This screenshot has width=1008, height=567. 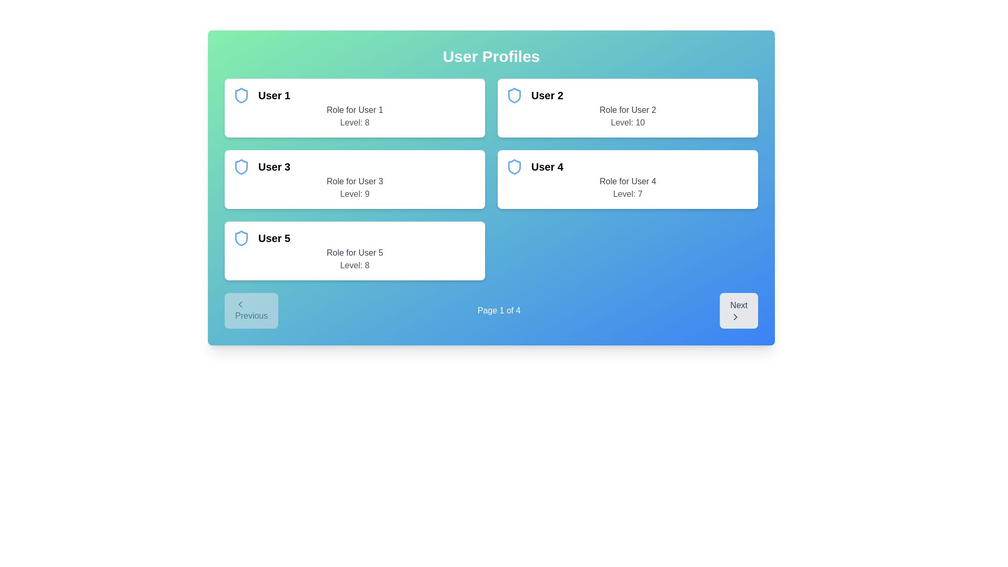 What do you see at coordinates (491, 57) in the screenshot?
I see `the heading element labeled 'User Profiles' which is prominently displayed at the top of the blue-to-green gradient background` at bounding box center [491, 57].